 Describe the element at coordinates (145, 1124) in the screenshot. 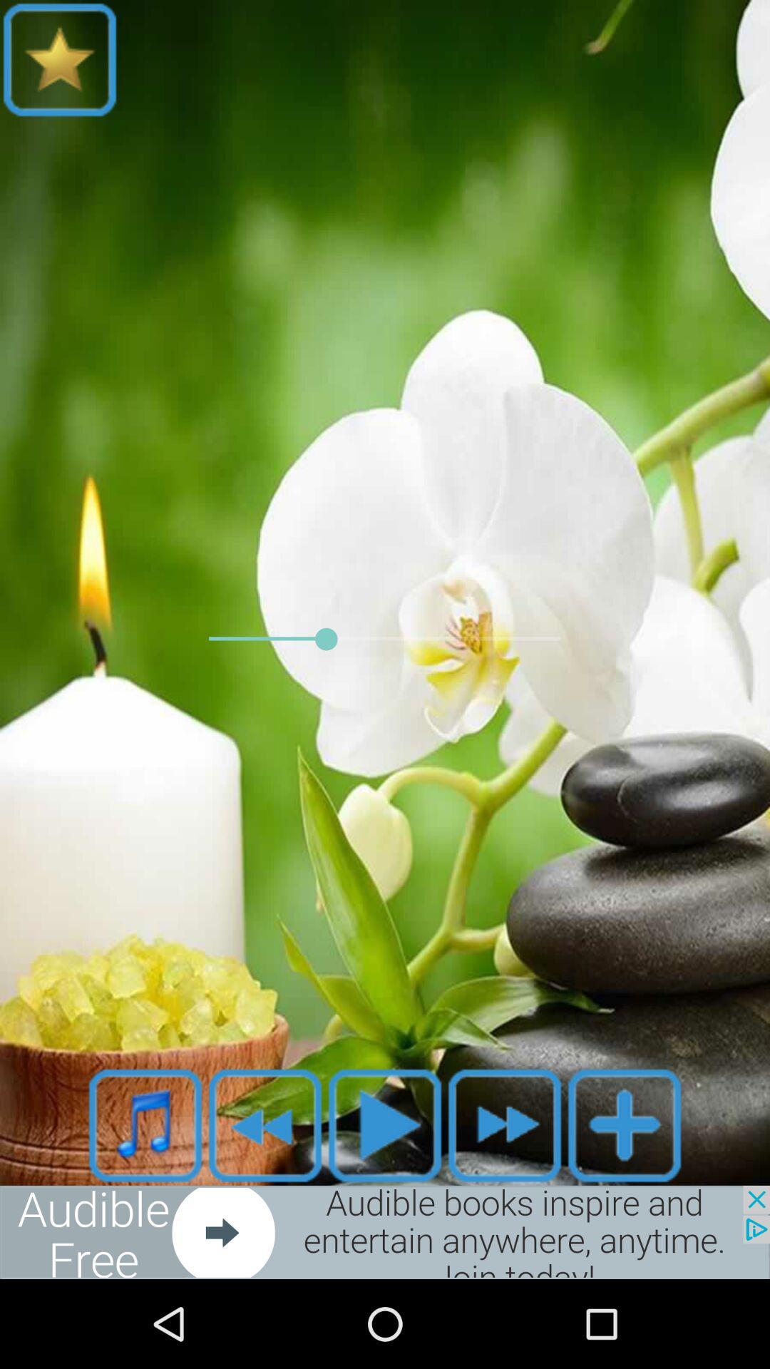

I see `open music list` at that location.